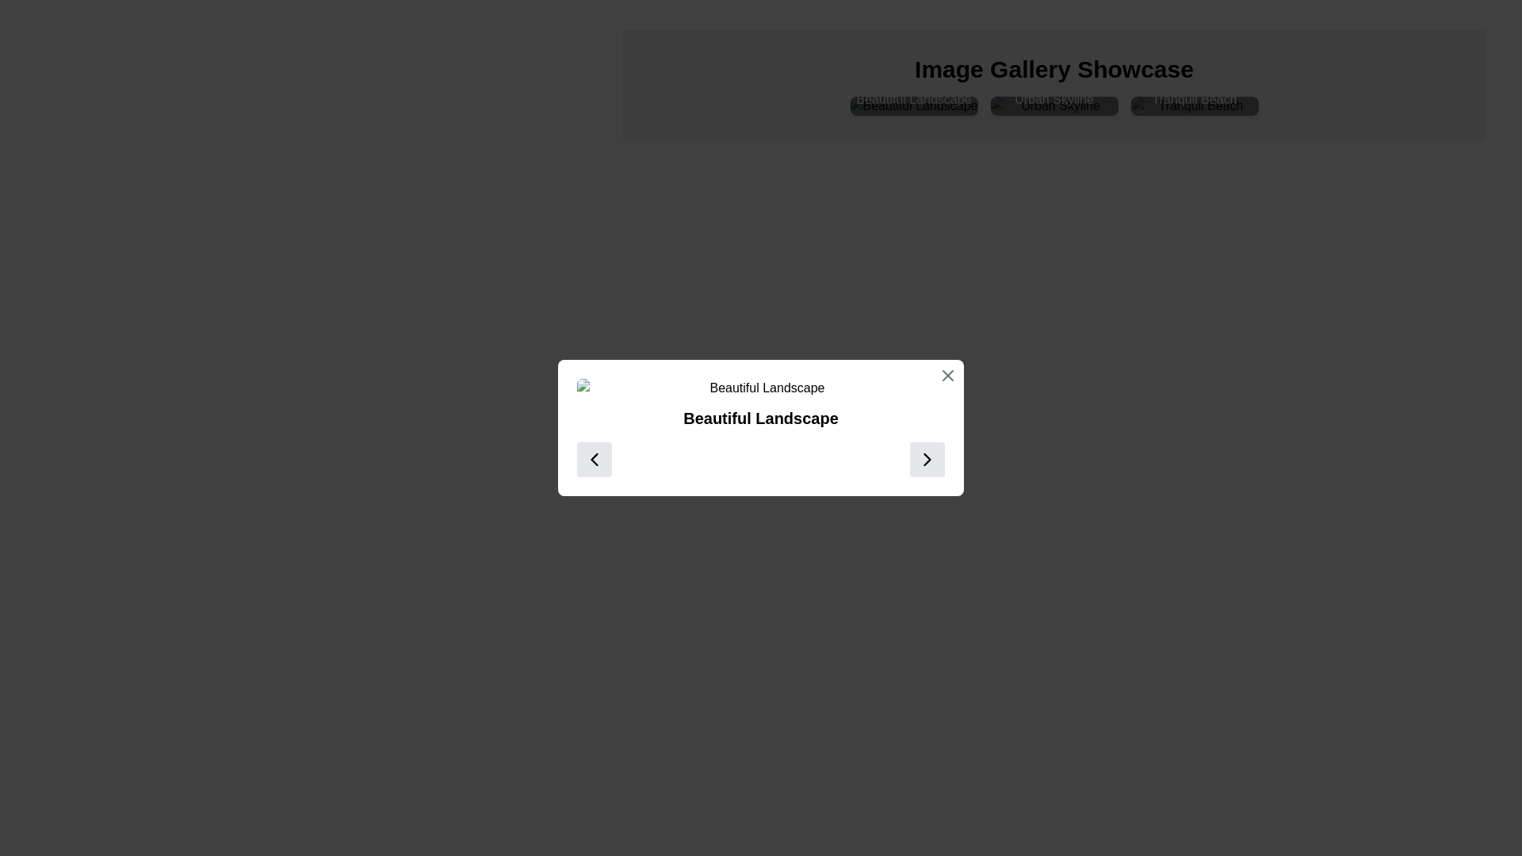 This screenshot has height=856, width=1522. Describe the element at coordinates (947, 376) in the screenshot. I see `the close icon button located in the upper-right corner of the modal displaying information about 'Beautiful Landscape'` at that location.